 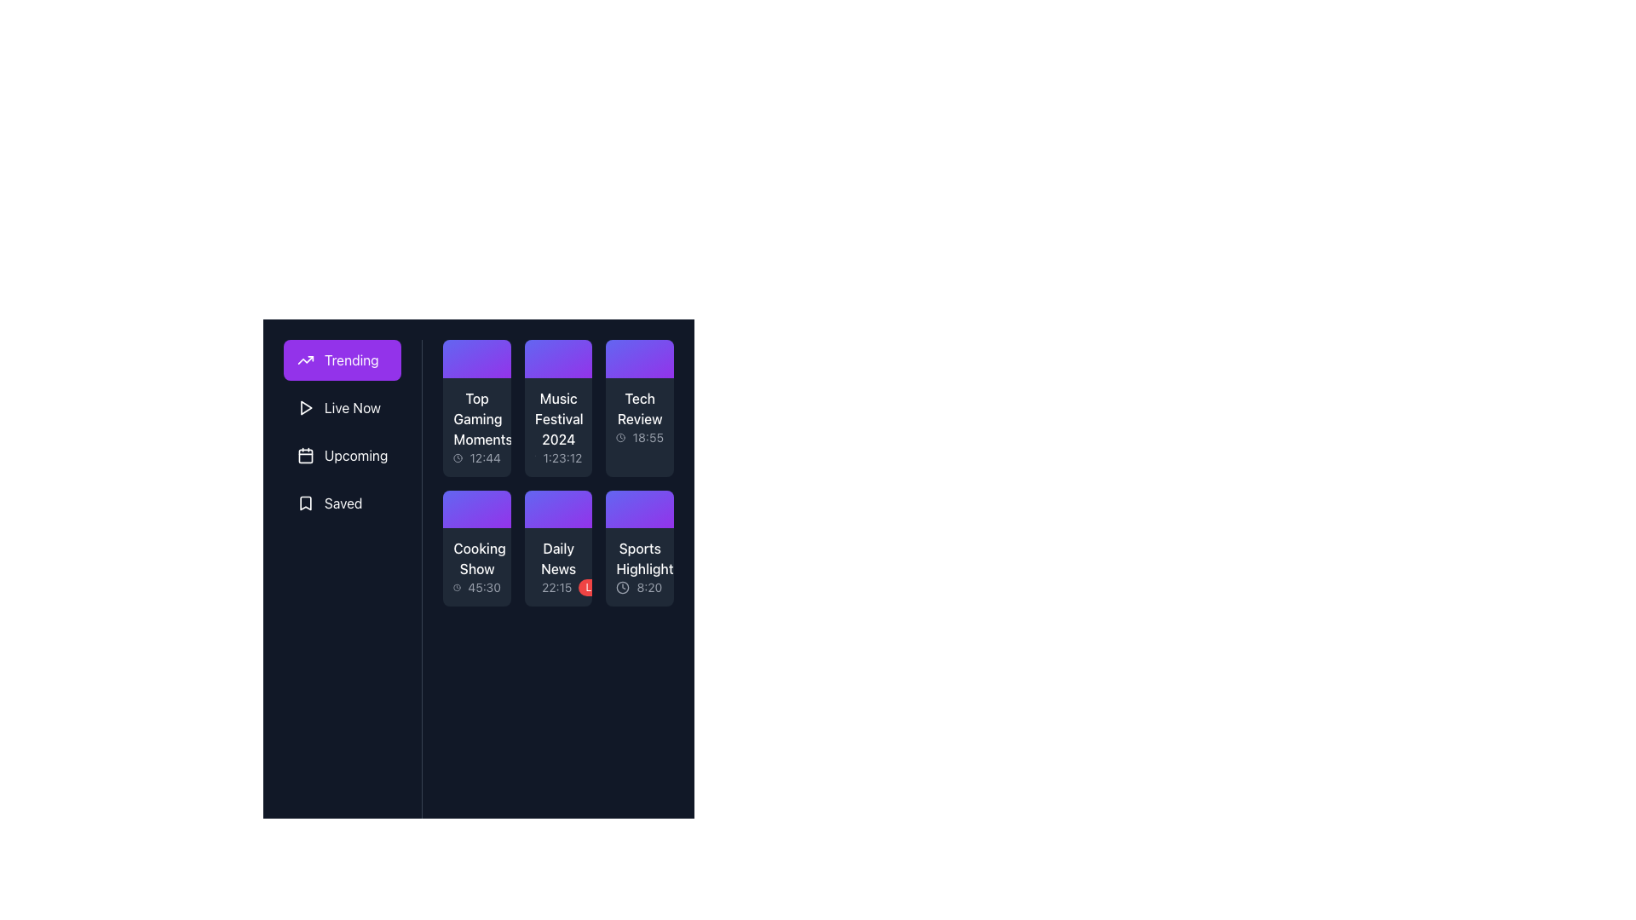 I want to click on the text field displaying 'Cooking Show' in white font against a dark background, which is centrally located in the second row of the grid labeled 'Trending.', so click(x=477, y=559).